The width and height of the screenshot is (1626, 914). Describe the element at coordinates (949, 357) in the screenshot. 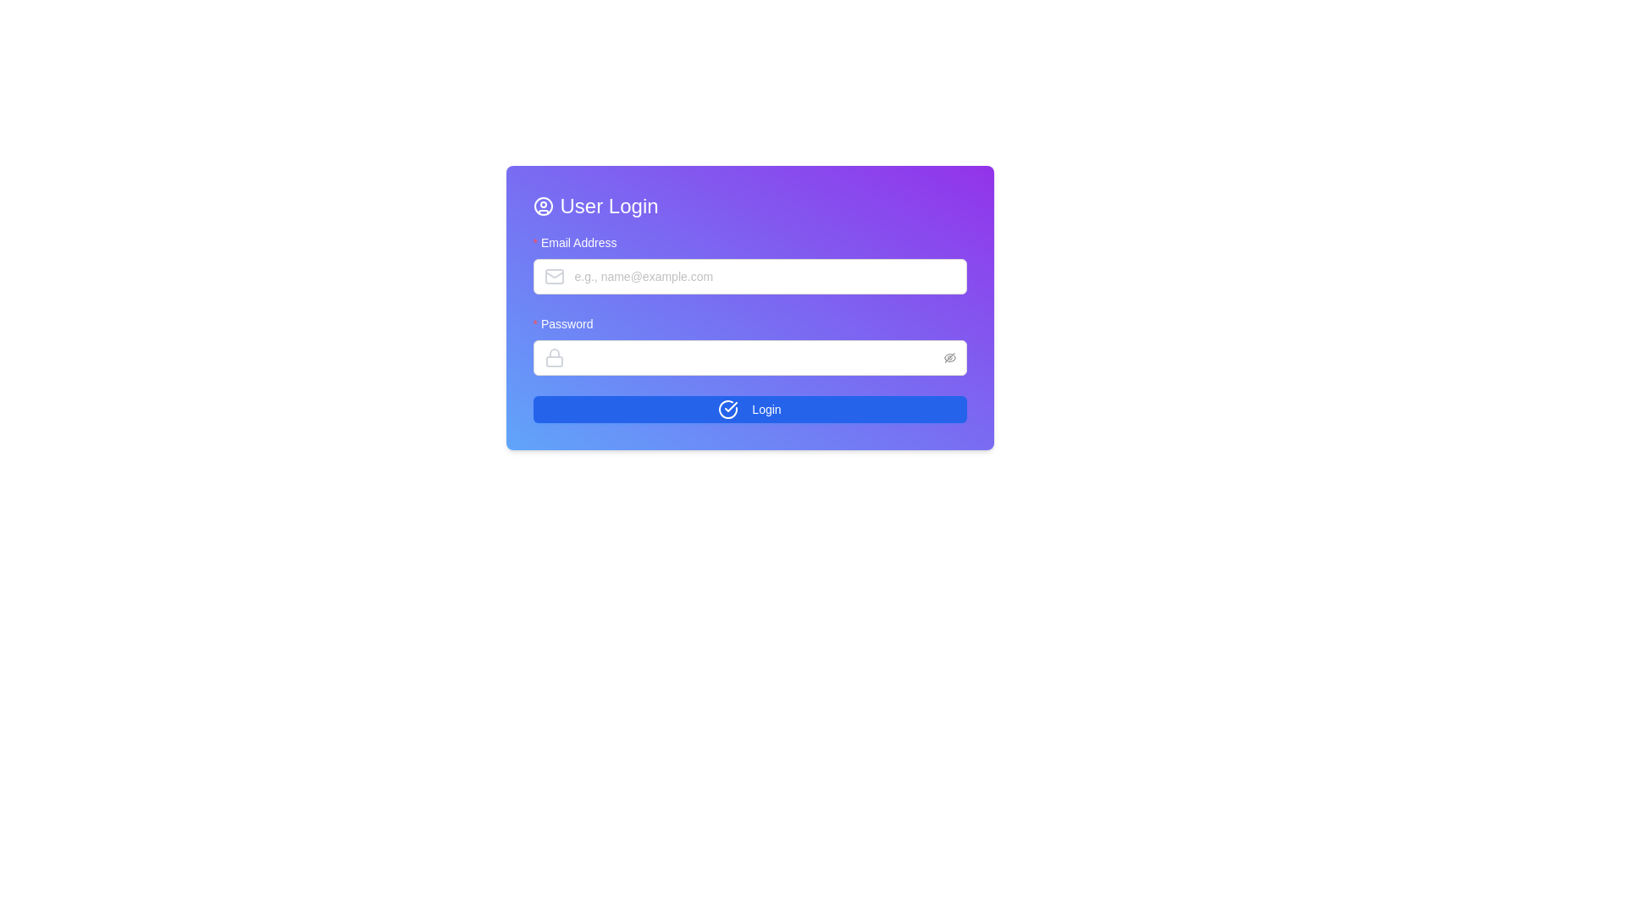

I see `the toggle button on the extreme right of the password input field` at that location.